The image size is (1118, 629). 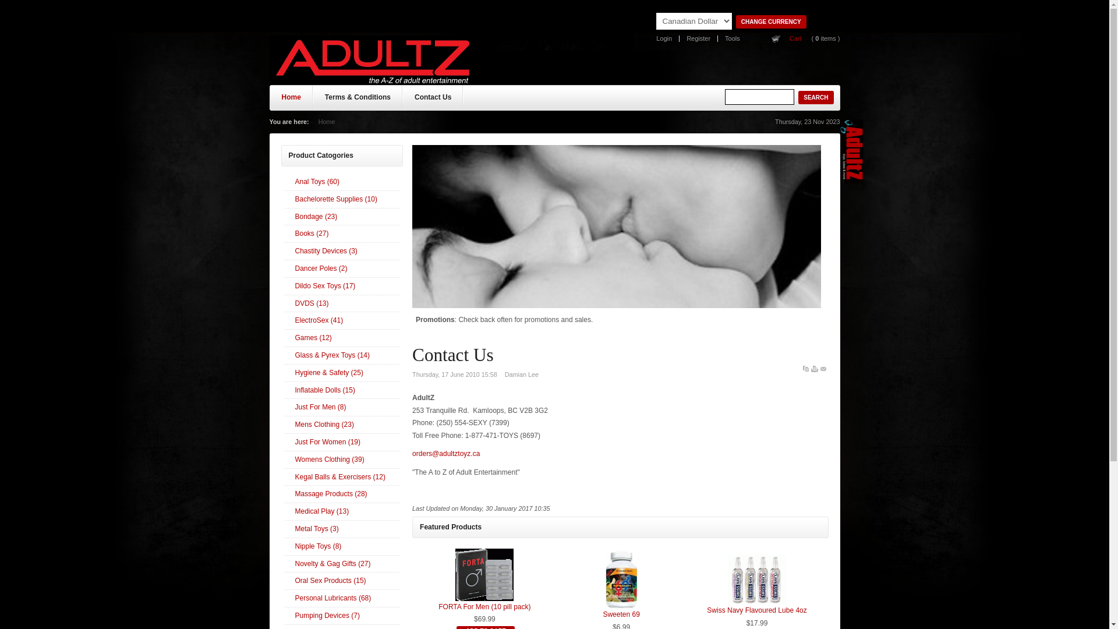 I want to click on 'Tools', so click(x=731, y=38).